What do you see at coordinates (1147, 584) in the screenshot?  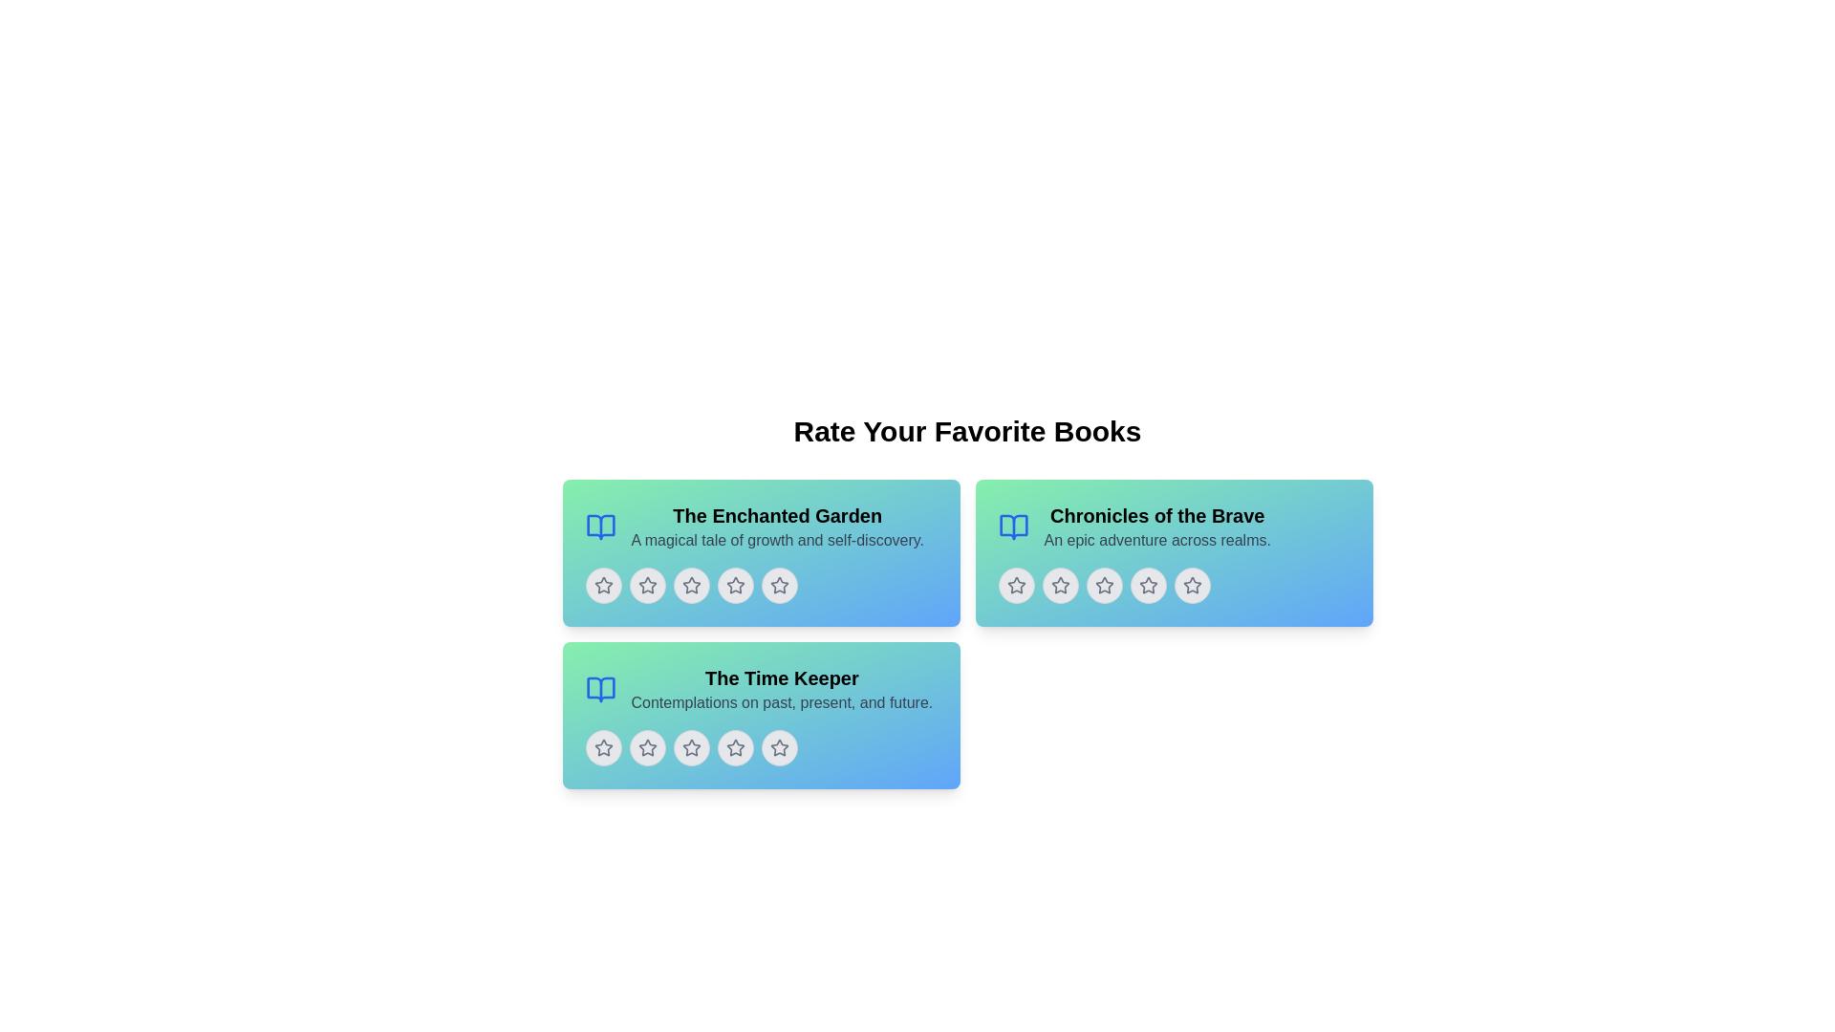 I see `the fourth grey star icon` at bounding box center [1147, 584].